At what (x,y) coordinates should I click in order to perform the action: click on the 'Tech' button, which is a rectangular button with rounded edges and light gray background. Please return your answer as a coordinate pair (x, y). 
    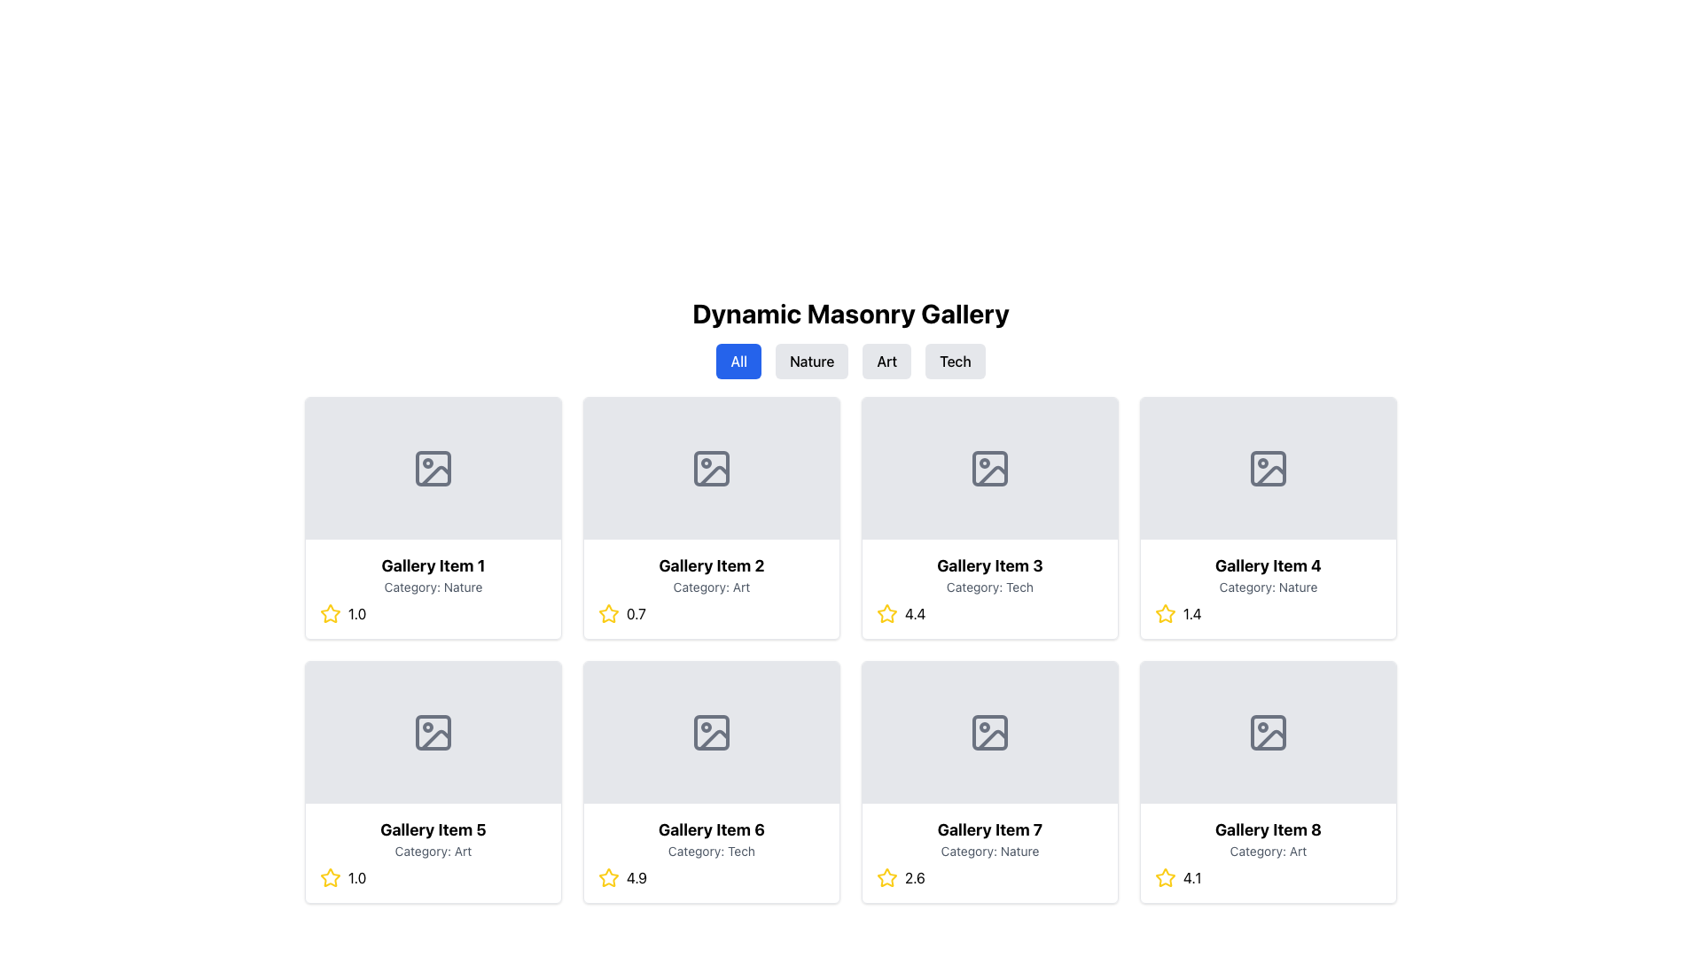
    Looking at the image, I should click on (953, 361).